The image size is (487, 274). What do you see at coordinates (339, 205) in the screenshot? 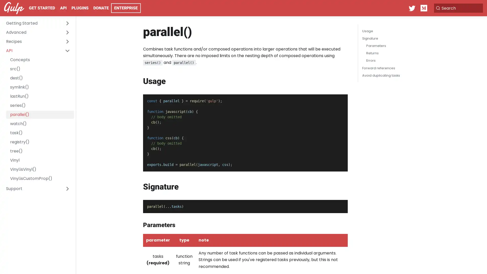
I see `Copy code to clipboard` at bounding box center [339, 205].